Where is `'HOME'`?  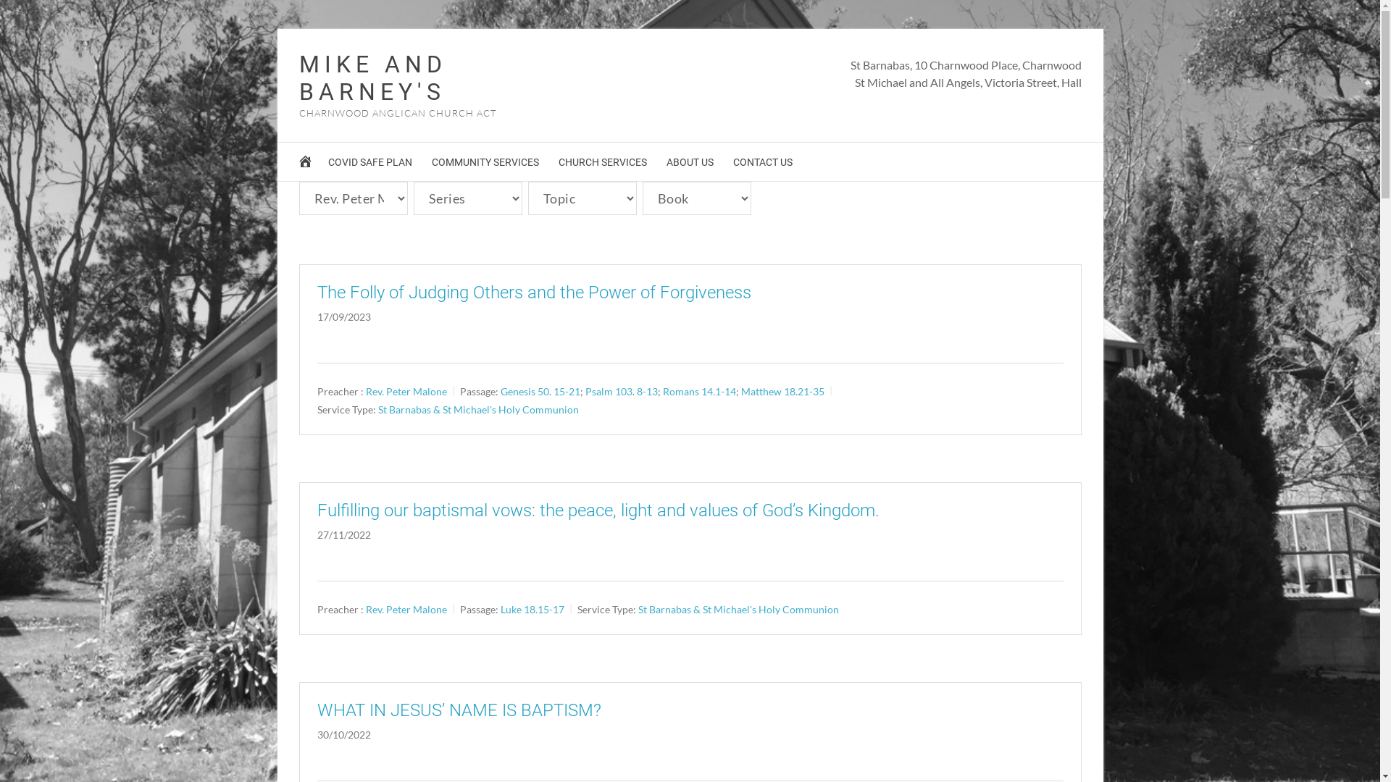
'HOME' is located at coordinates (306, 164).